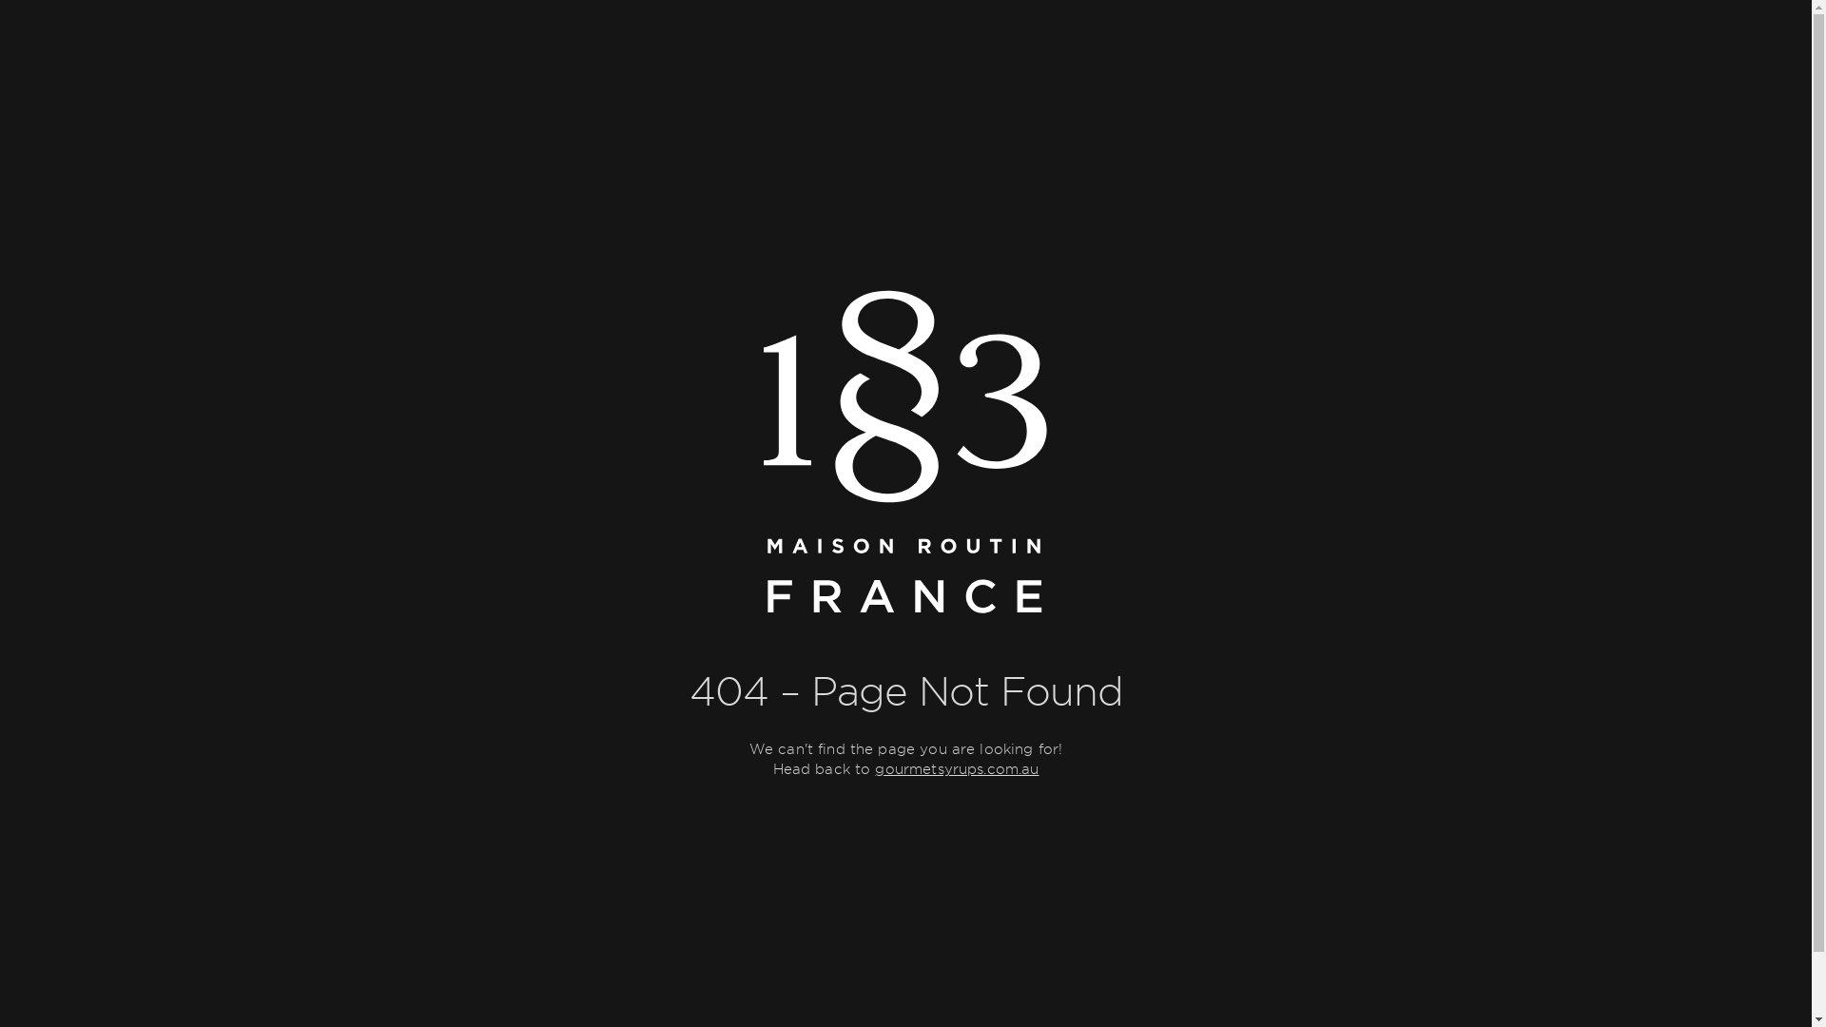  Describe the element at coordinates (957, 768) in the screenshot. I see `'gourmetsyrups.com.au'` at that location.